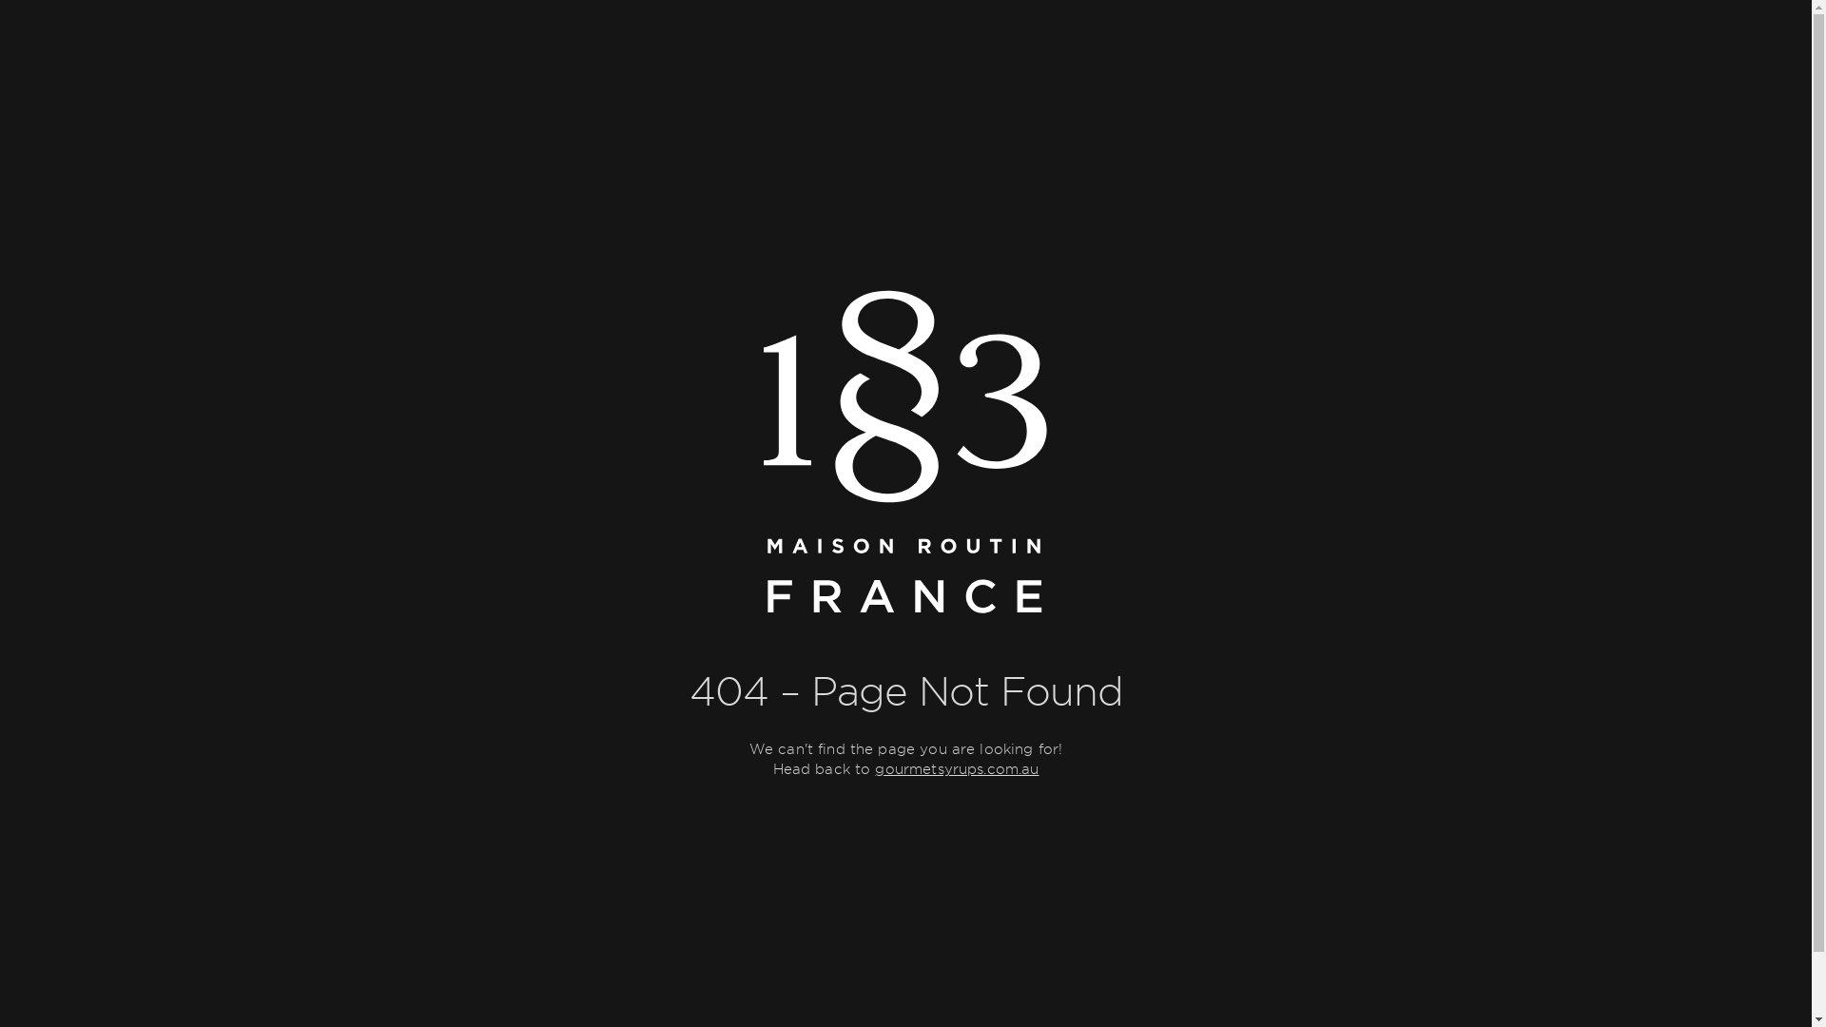  Describe the element at coordinates (957, 768) in the screenshot. I see `'gourmetsyrups.com.au'` at that location.